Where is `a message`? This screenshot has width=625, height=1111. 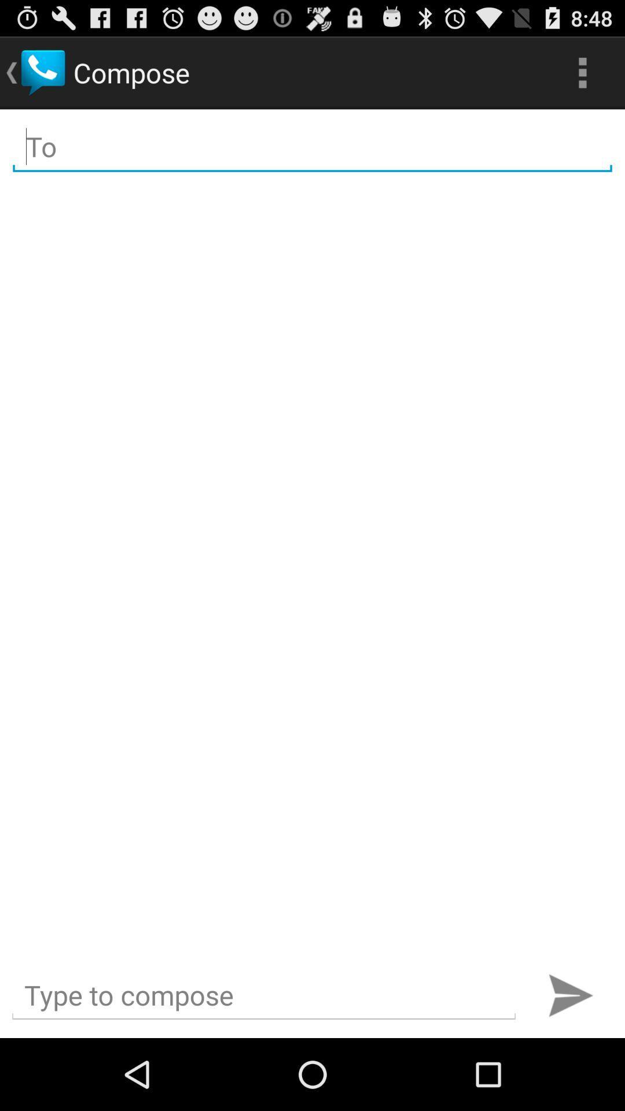
a message is located at coordinates (263, 995).